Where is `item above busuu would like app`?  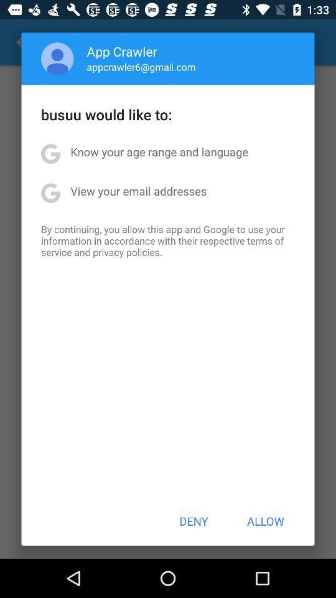
item above busuu would like app is located at coordinates (57, 59).